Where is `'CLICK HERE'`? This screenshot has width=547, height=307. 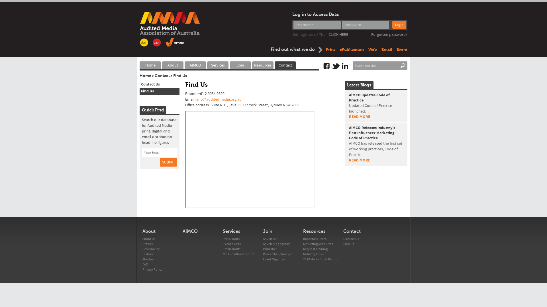
'CLICK HERE' is located at coordinates (338, 35).